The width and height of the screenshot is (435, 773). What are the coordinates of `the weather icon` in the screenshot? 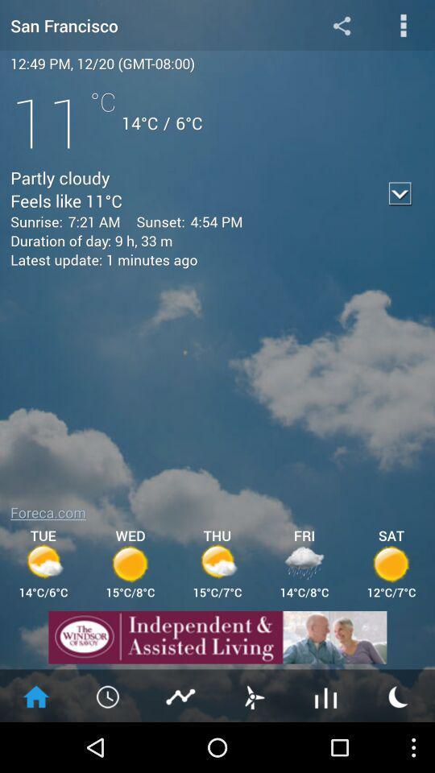 It's located at (398, 745).